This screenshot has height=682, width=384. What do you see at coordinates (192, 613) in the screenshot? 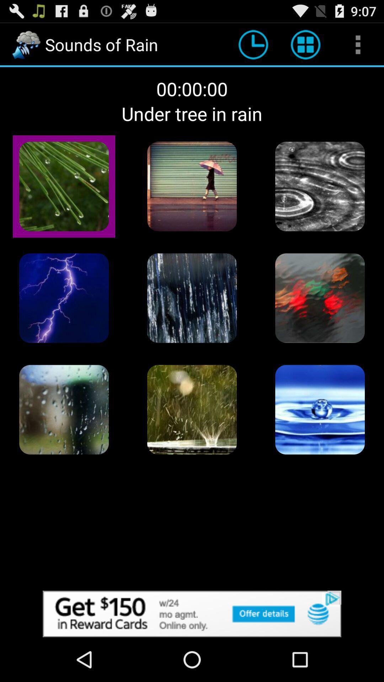
I see `advertisement` at bounding box center [192, 613].